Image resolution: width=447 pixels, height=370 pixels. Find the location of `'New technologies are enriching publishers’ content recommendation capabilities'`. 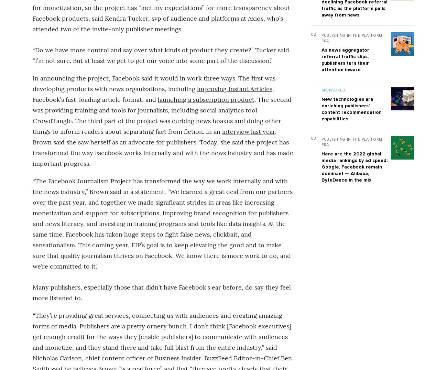

'New technologies are enriching publishers’ content recommendation capabilities' is located at coordinates (351, 109).